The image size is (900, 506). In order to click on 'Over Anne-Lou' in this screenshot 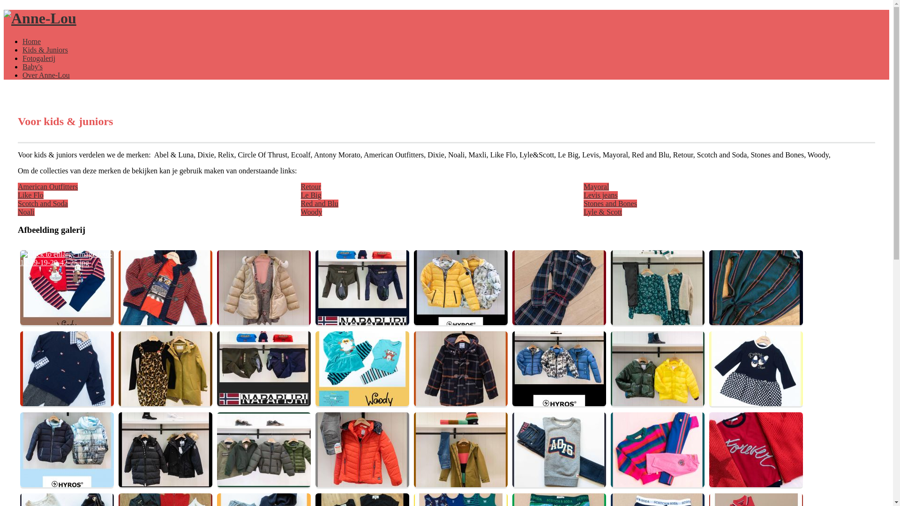, I will do `click(22, 74)`.